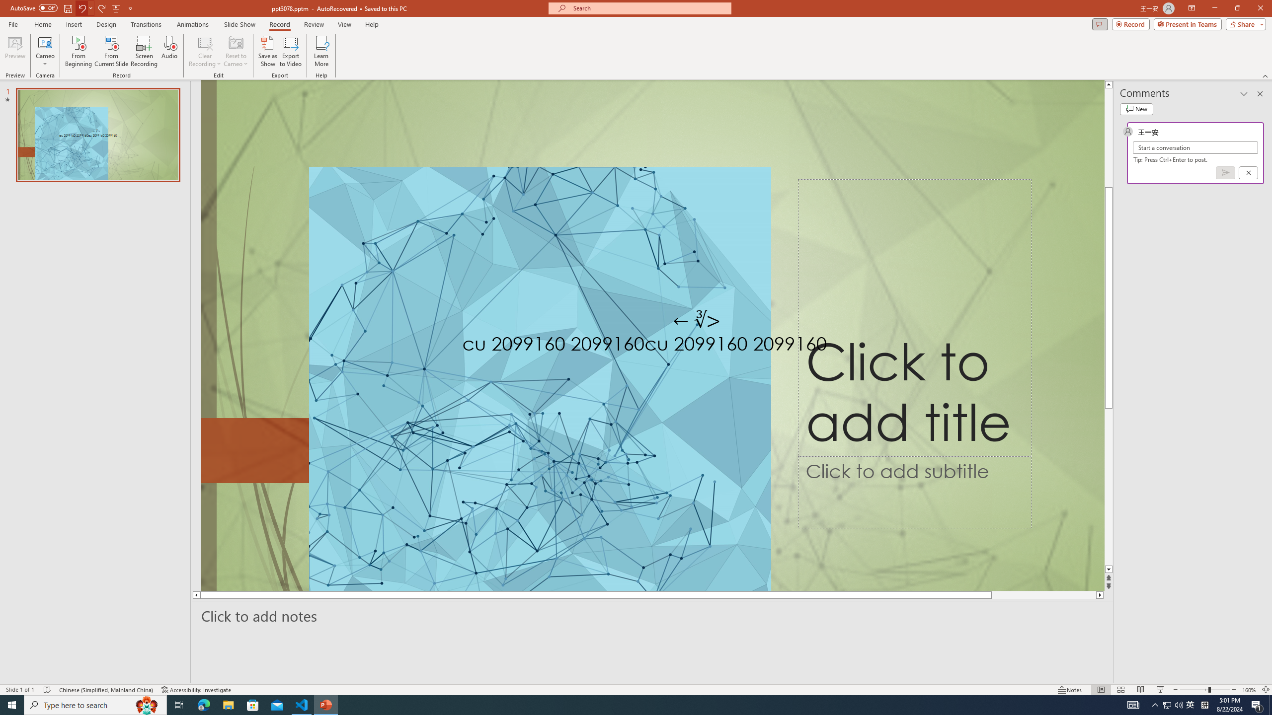 The image size is (1272, 715). Describe the element at coordinates (705, 346) in the screenshot. I see `'TextBox 61'` at that location.